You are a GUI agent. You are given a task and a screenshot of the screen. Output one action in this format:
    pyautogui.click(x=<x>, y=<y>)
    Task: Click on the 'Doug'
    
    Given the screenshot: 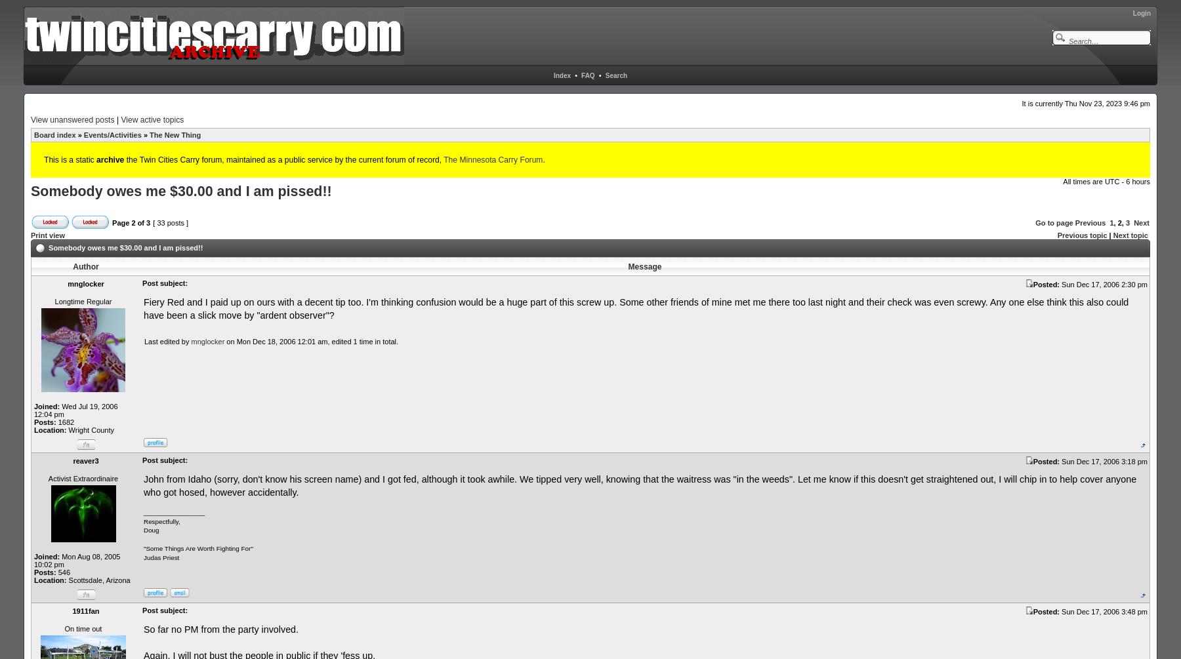 What is the action you would take?
    pyautogui.click(x=144, y=530)
    